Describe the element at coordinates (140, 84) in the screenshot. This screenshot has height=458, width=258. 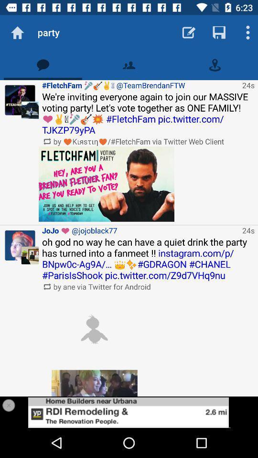
I see `icon above we re inviting` at that location.